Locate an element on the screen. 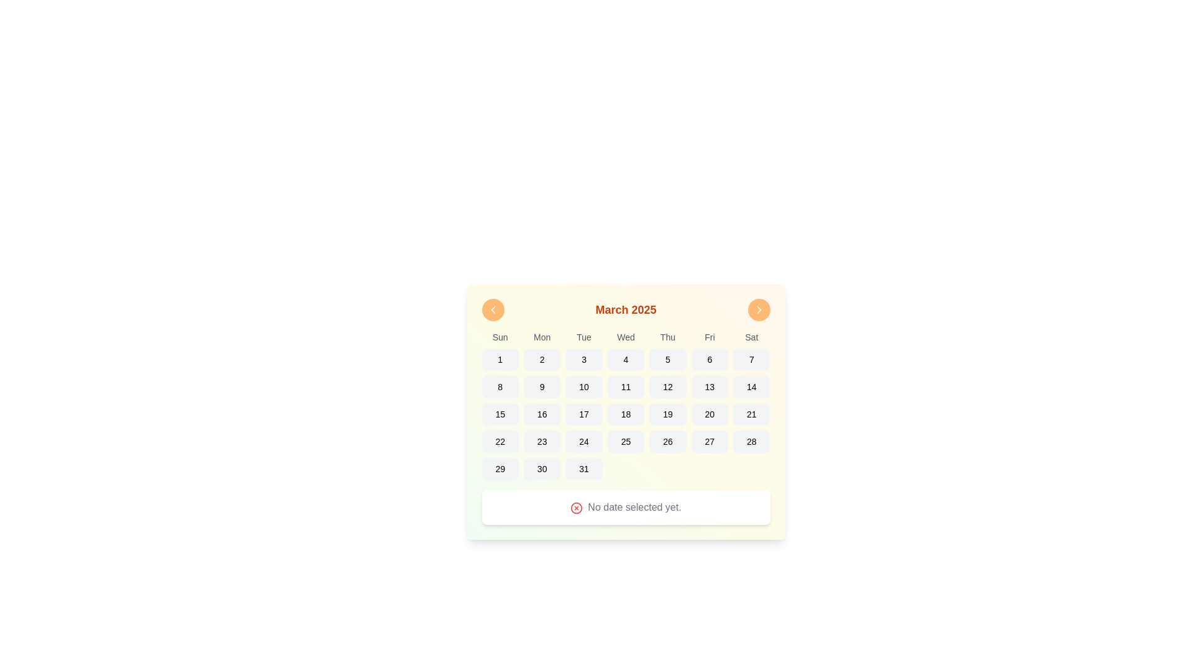 This screenshot has height=671, width=1193. the text label displaying 'No date selected yet.' located in the bottom section of the calendar view is located at coordinates (626, 508).